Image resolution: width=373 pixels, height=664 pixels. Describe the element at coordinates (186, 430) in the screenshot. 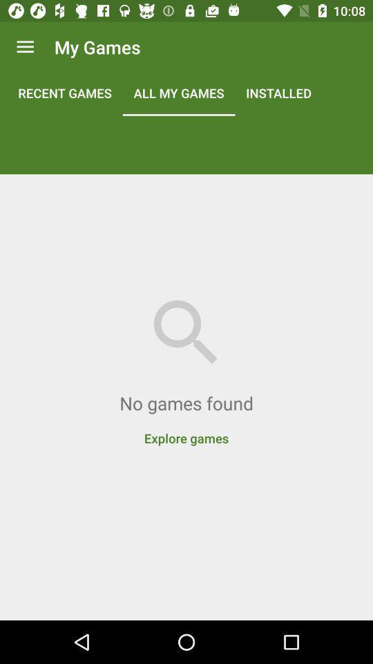

I see `the icon below the no games found item` at that location.